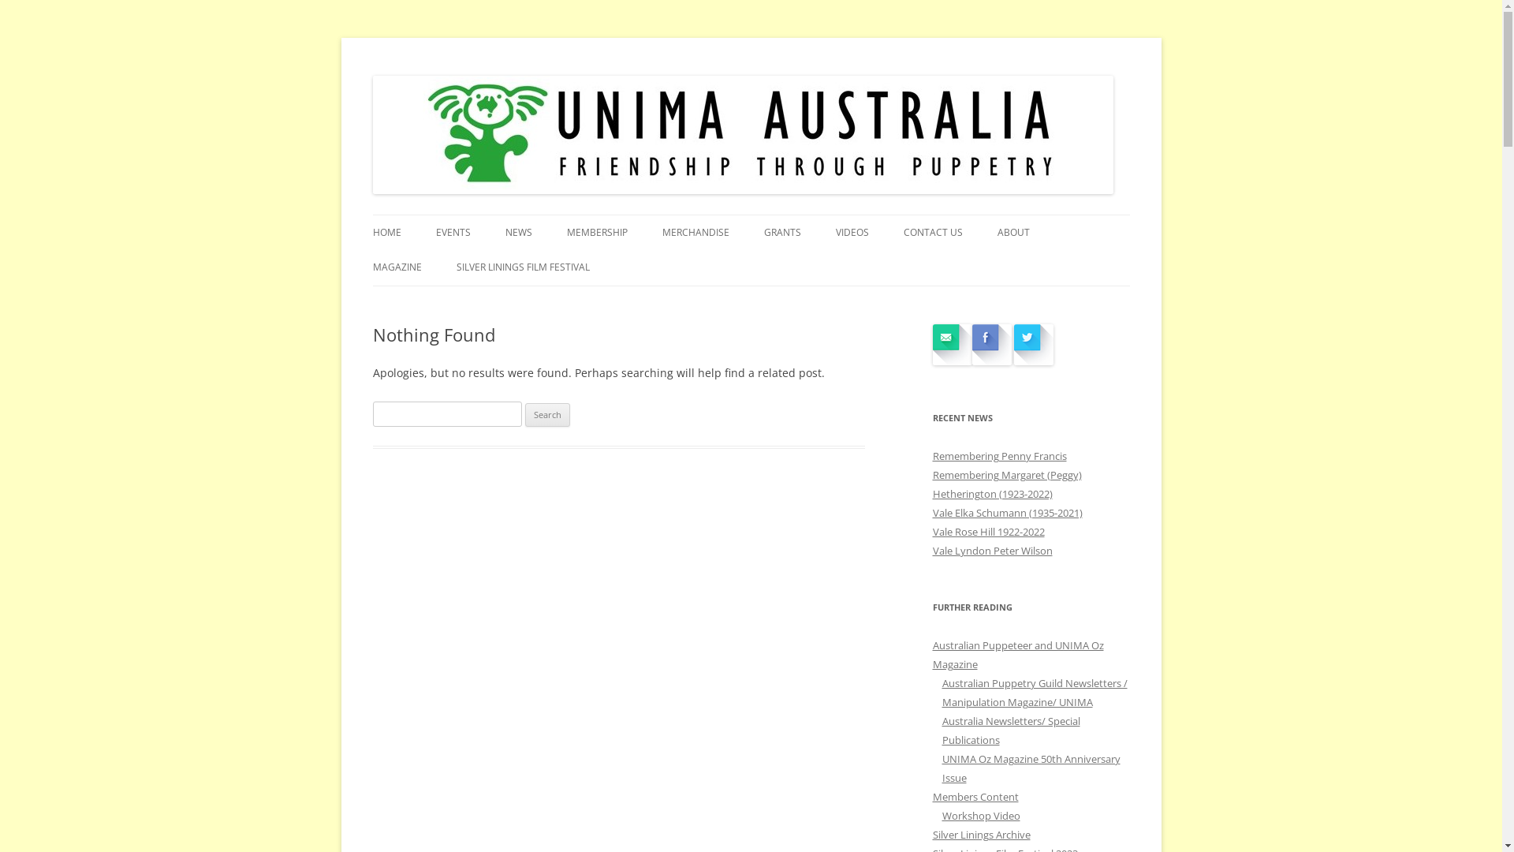  What do you see at coordinates (1012, 232) in the screenshot?
I see `'ABOUT'` at bounding box center [1012, 232].